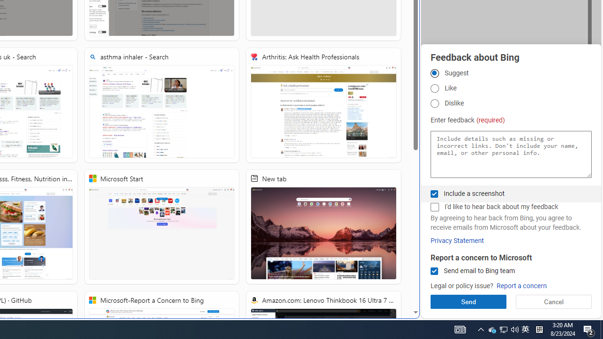 This screenshot has width=603, height=339. Describe the element at coordinates (554, 301) in the screenshot. I see `'Cancel'` at that location.